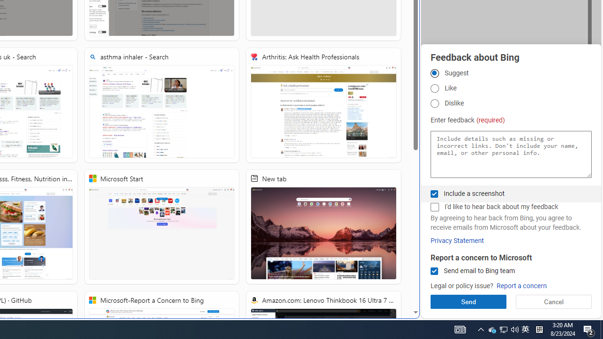 This screenshot has width=603, height=339. Describe the element at coordinates (554, 301) in the screenshot. I see `'Cancel'` at that location.